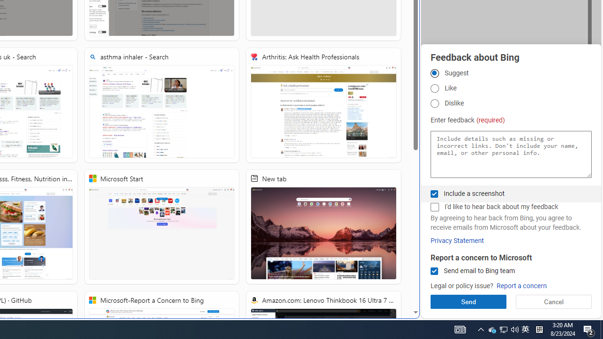 This screenshot has width=603, height=339. Describe the element at coordinates (554, 301) in the screenshot. I see `'Cancel'` at that location.